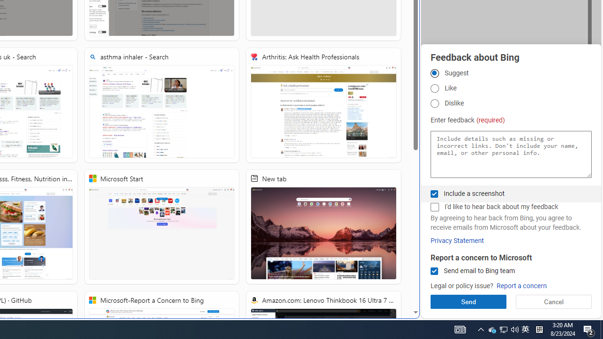 This screenshot has width=603, height=339. Describe the element at coordinates (554, 301) in the screenshot. I see `'Cancel'` at that location.